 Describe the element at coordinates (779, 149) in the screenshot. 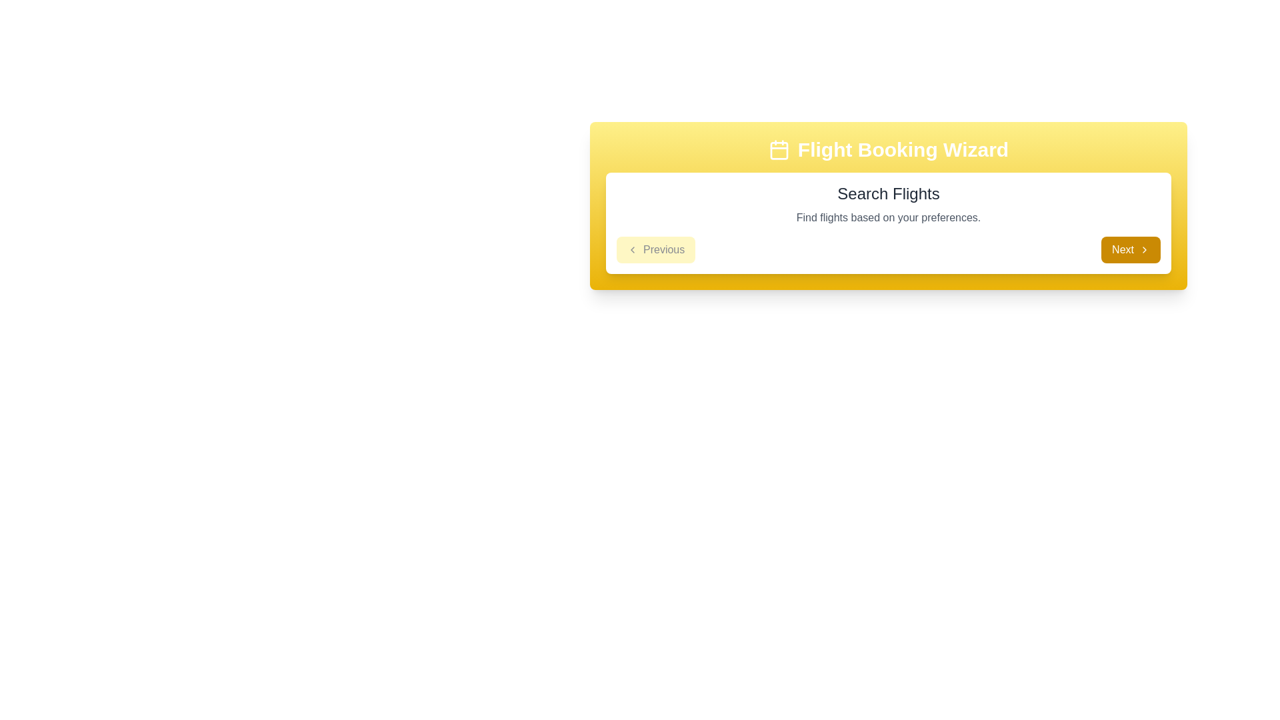

I see `the scheduling icon located at the top-left corner of the yellow gradient header bar, positioned to the left of the 'Flight Booking Wizard' label` at that location.